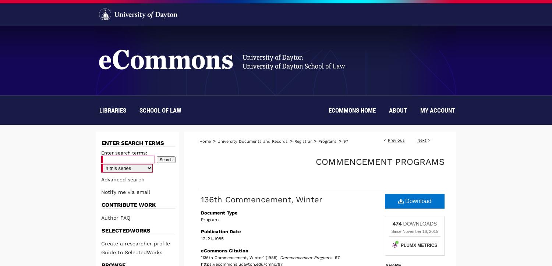 The height and width of the screenshot is (266, 552). What do you see at coordinates (209, 219) in the screenshot?
I see `'Program'` at bounding box center [209, 219].